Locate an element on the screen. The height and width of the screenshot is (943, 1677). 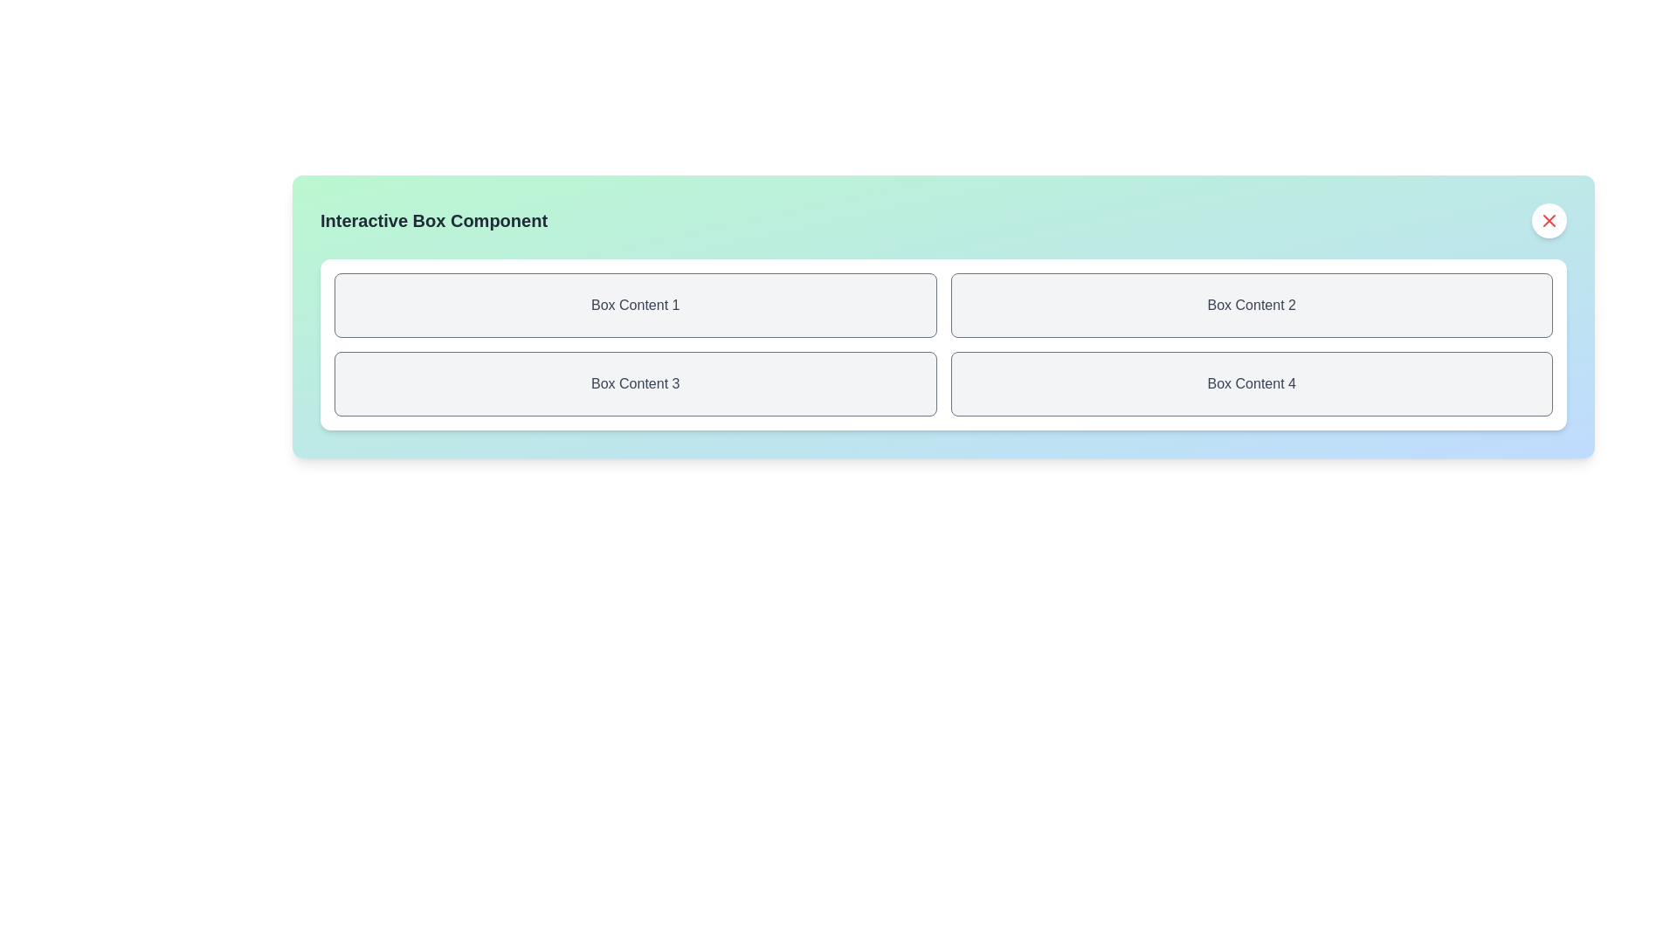
the light gray rectangular box labeled 'Box Content 2' is located at coordinates (1251, 305).